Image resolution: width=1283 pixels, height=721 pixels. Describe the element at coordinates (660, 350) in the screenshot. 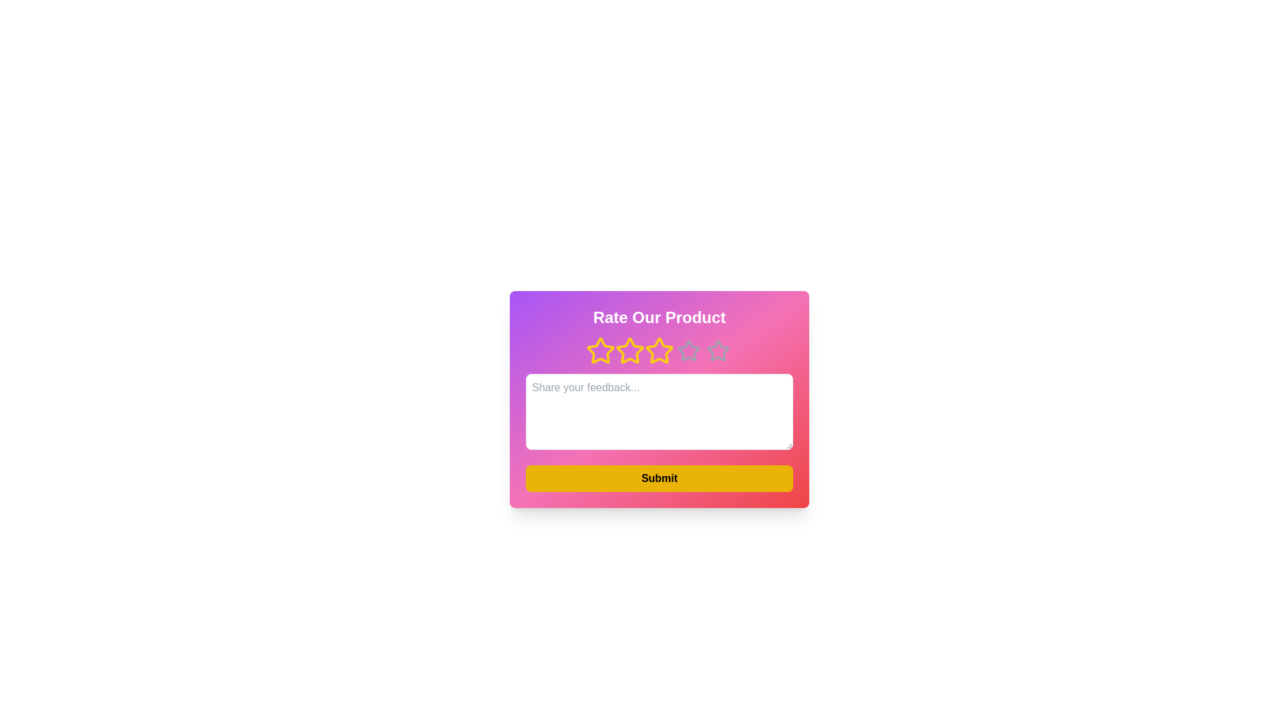

I see `the third rating star icon located in the center of the row of five stars` at that location.